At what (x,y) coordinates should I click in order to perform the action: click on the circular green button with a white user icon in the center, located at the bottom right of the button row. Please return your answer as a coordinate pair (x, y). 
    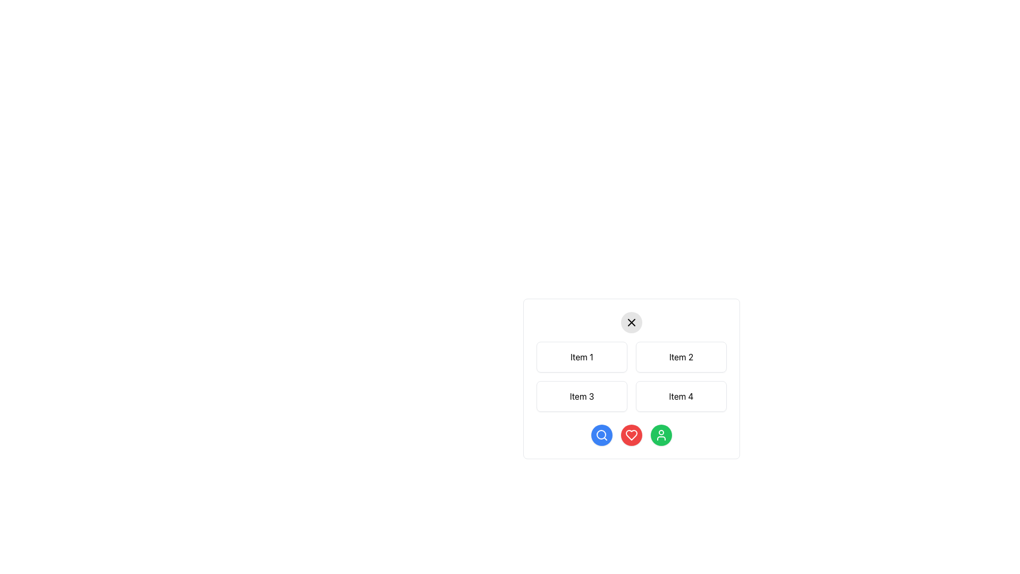
    Looking at the image, I should click on (660, 435).